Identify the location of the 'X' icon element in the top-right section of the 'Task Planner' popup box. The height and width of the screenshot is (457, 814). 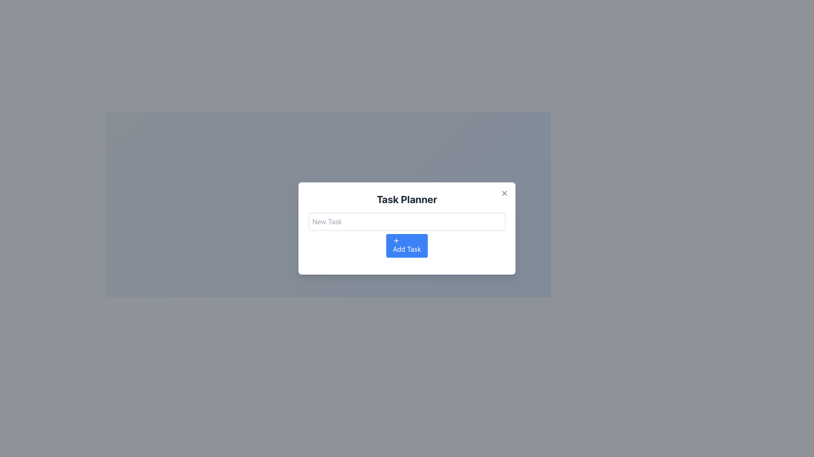
(505, 193).